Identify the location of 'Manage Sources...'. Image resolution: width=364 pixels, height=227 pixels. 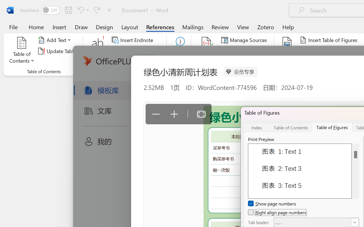
(245, 40).